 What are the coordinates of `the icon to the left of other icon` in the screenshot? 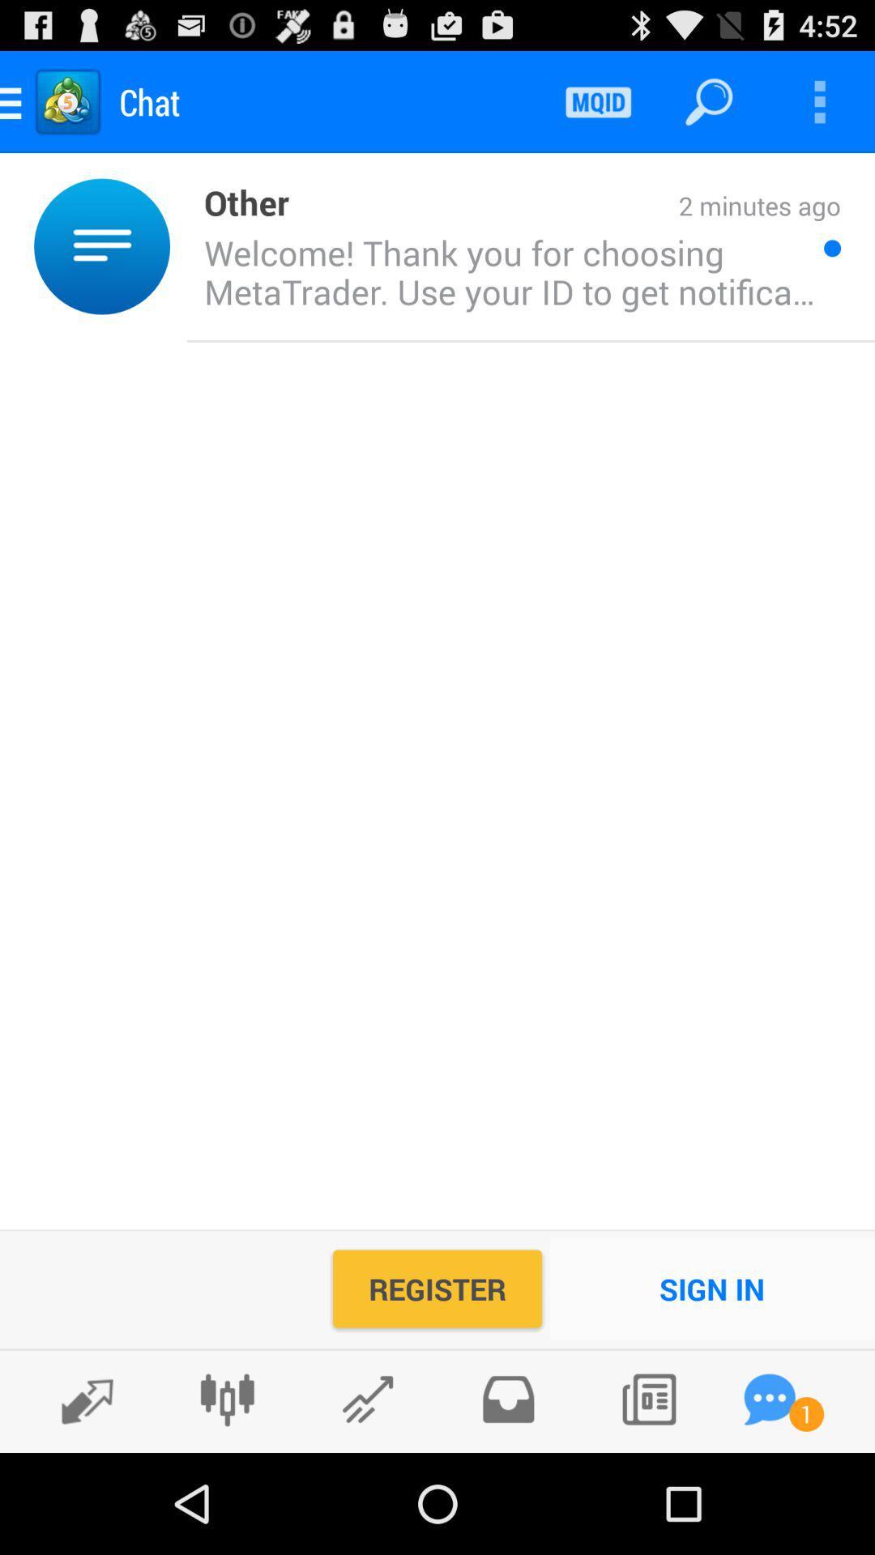 It's located at (178, 245).